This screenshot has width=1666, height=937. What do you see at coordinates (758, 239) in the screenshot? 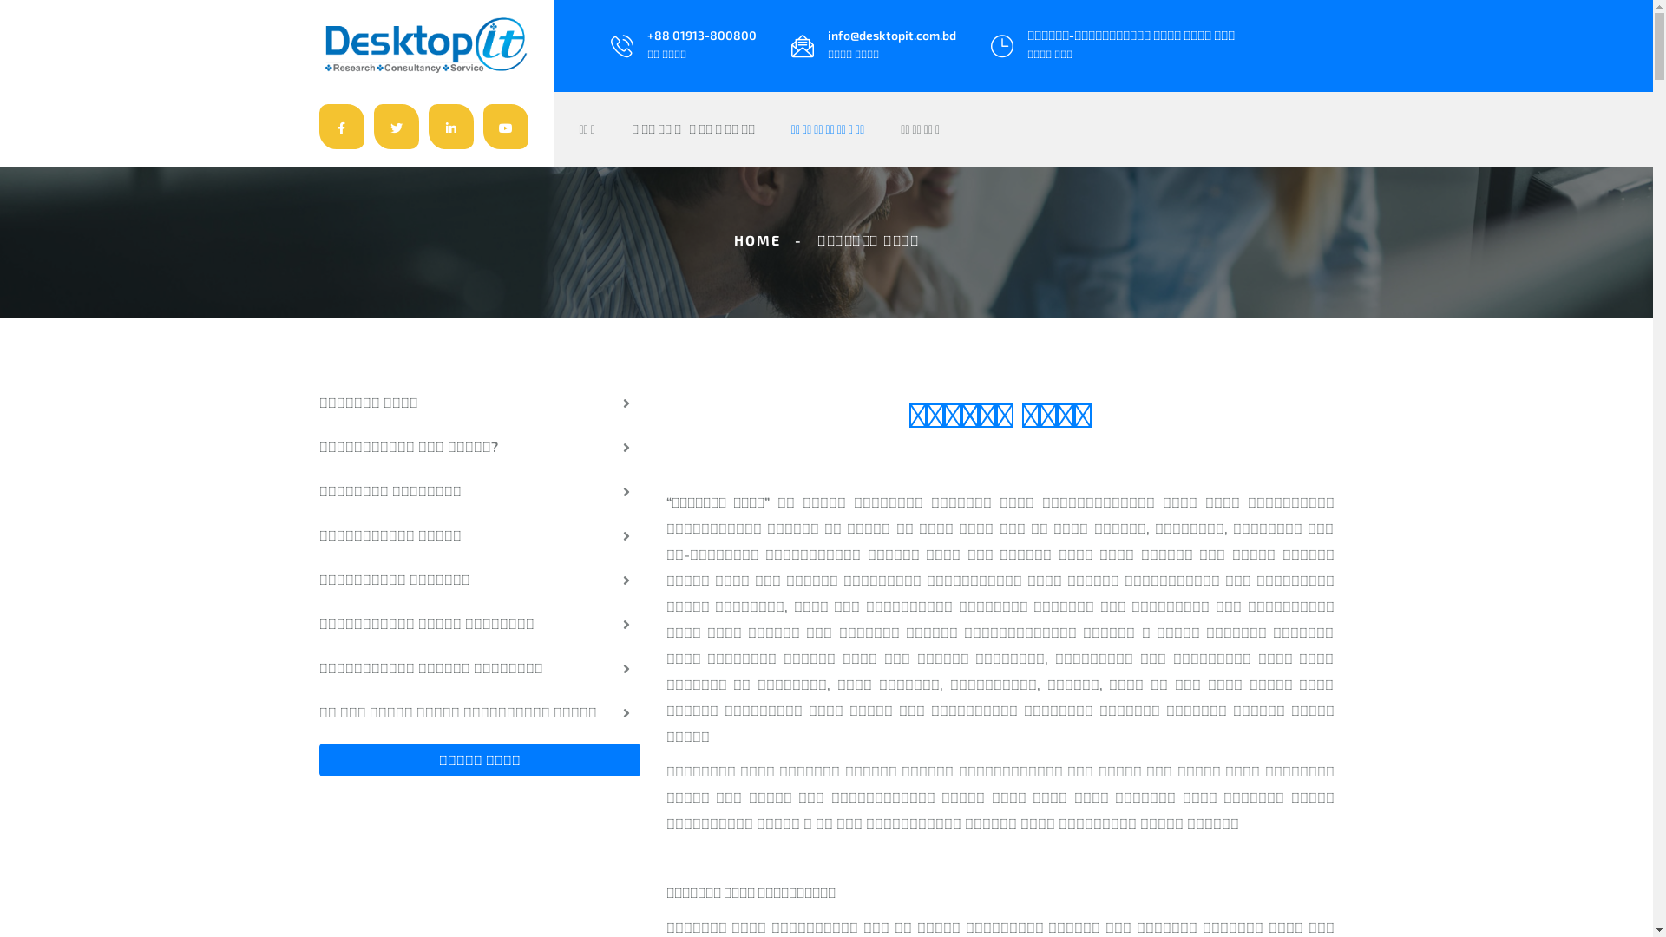
I see `'HOME'` at bounding box center [758, 239].